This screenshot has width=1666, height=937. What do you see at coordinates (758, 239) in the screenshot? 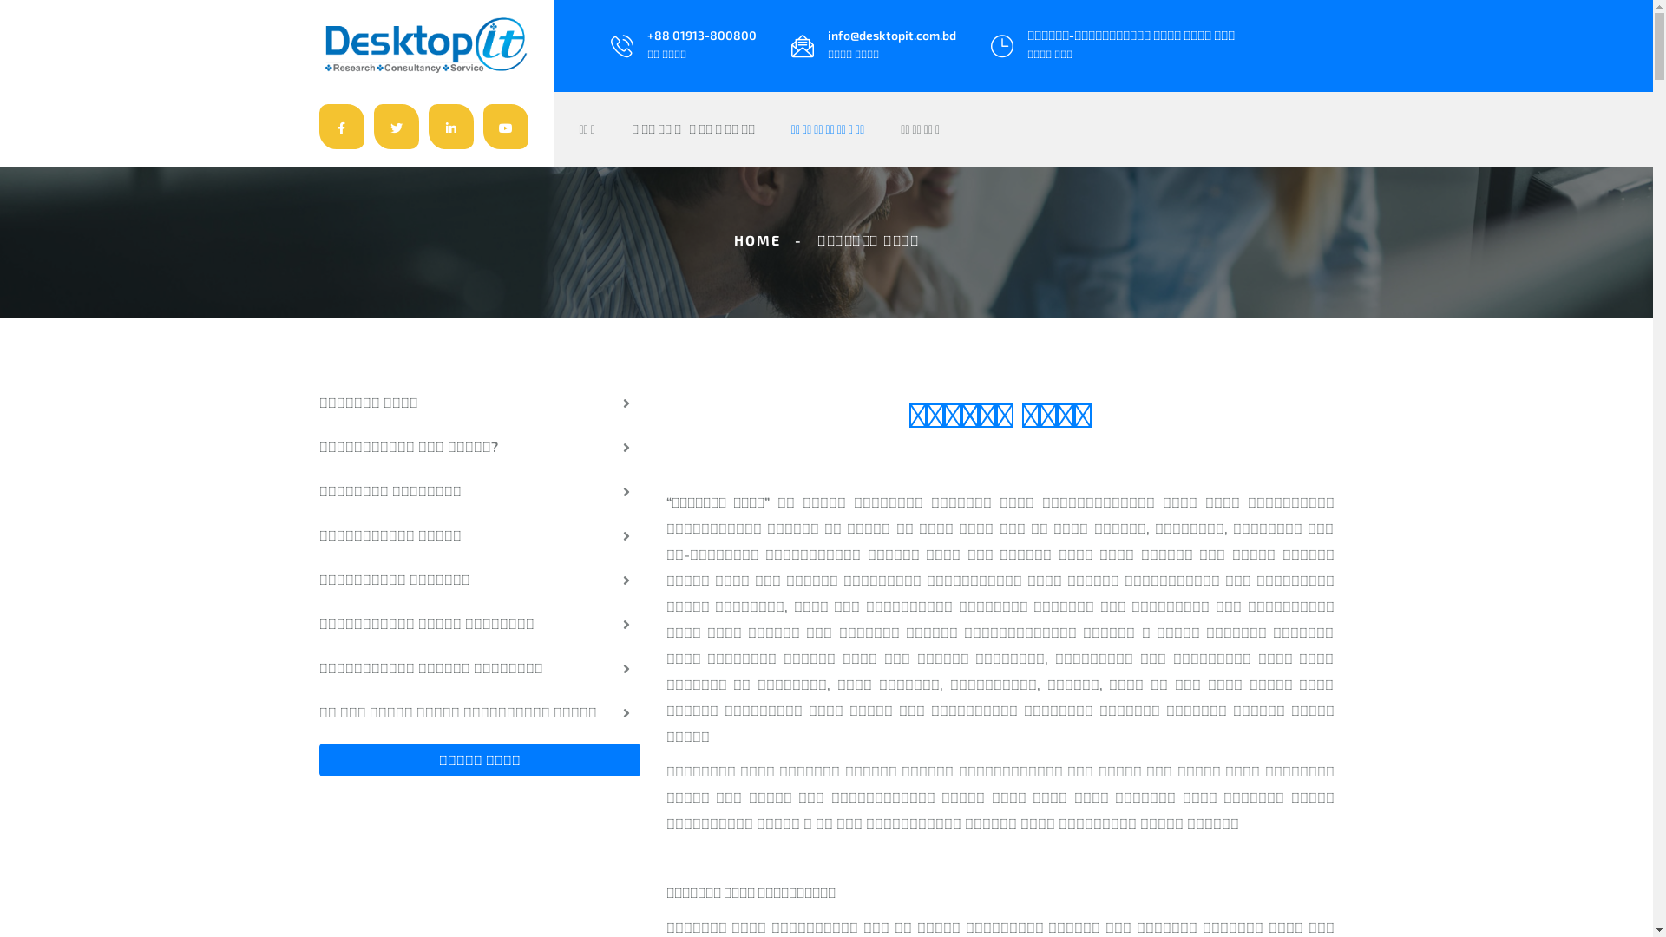
I see `'HOME'` at bounding box center [758, 239].